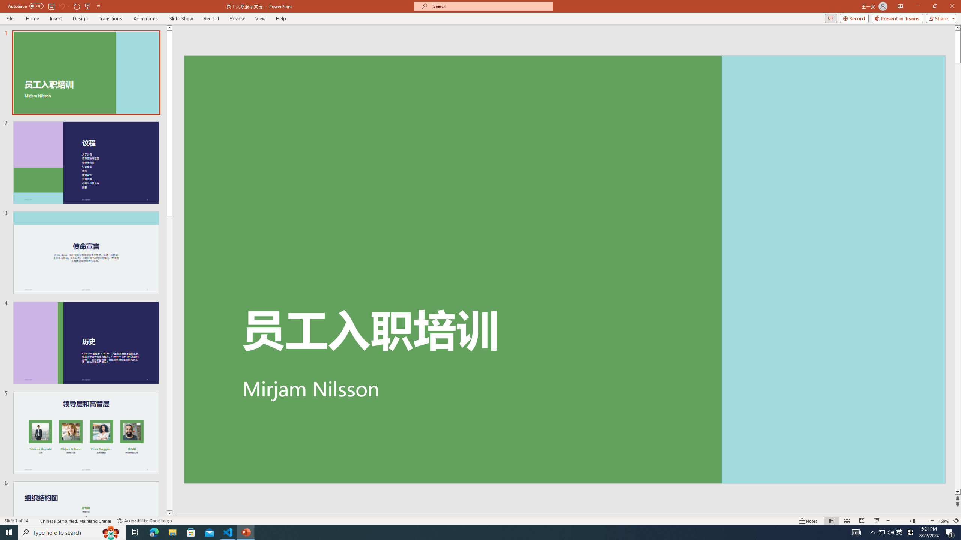 The width and height of the screenshot is (961, 540). What do you see at coordinates (944, 521) in the screenshot?
I see `'Zoom 159%'` at bounding box center [944, 521].